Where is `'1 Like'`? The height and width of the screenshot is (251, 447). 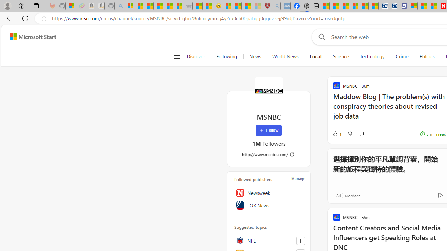 '1 Like' is located at coordinates (337, 134).